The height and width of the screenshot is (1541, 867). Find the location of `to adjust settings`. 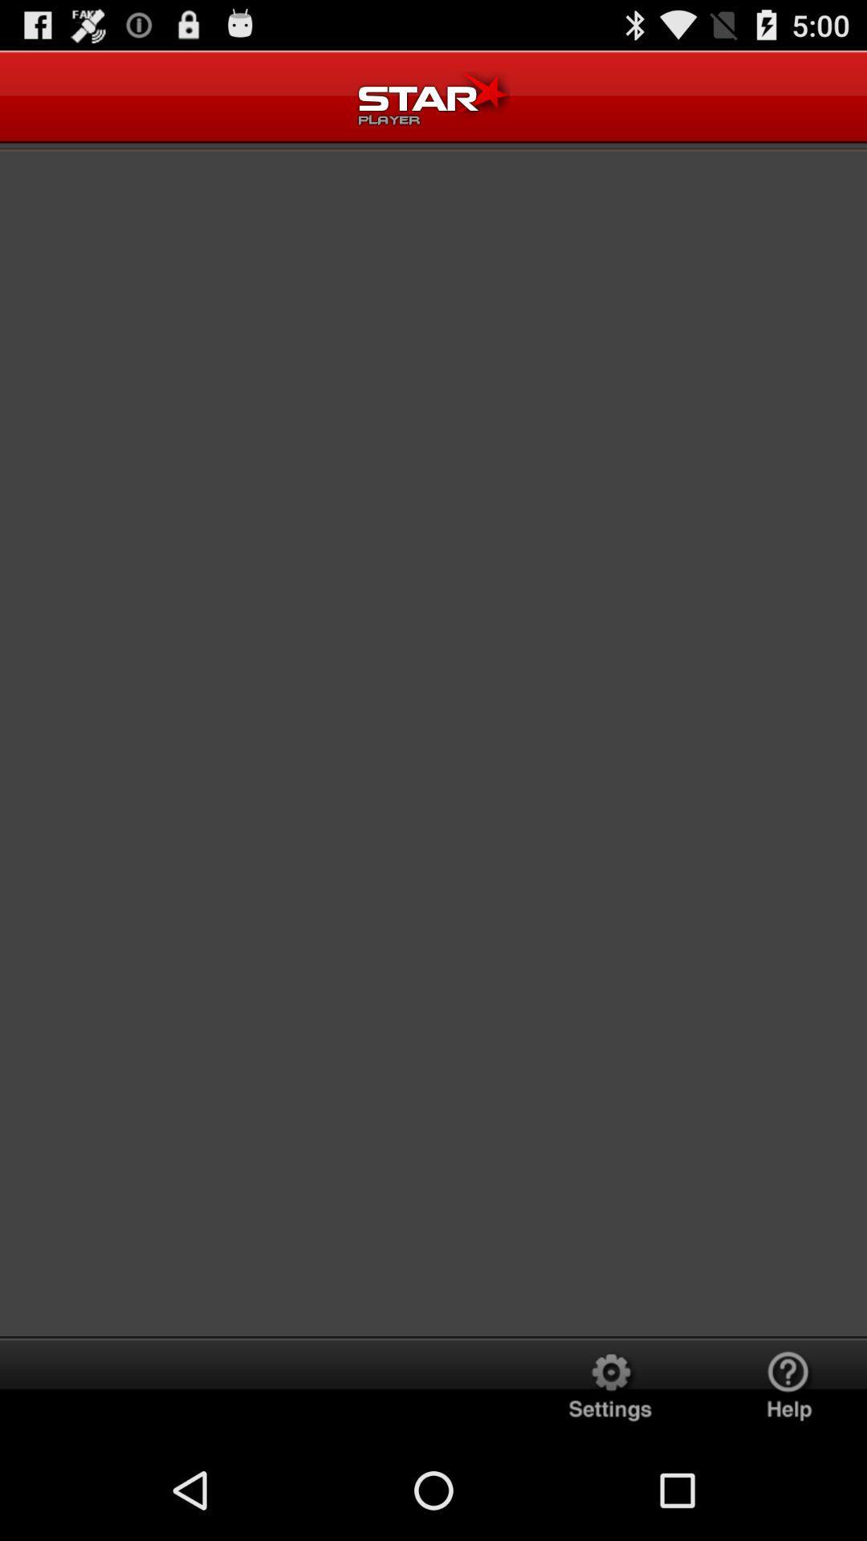

to adjust settings is located at coordinates (610, 1387).